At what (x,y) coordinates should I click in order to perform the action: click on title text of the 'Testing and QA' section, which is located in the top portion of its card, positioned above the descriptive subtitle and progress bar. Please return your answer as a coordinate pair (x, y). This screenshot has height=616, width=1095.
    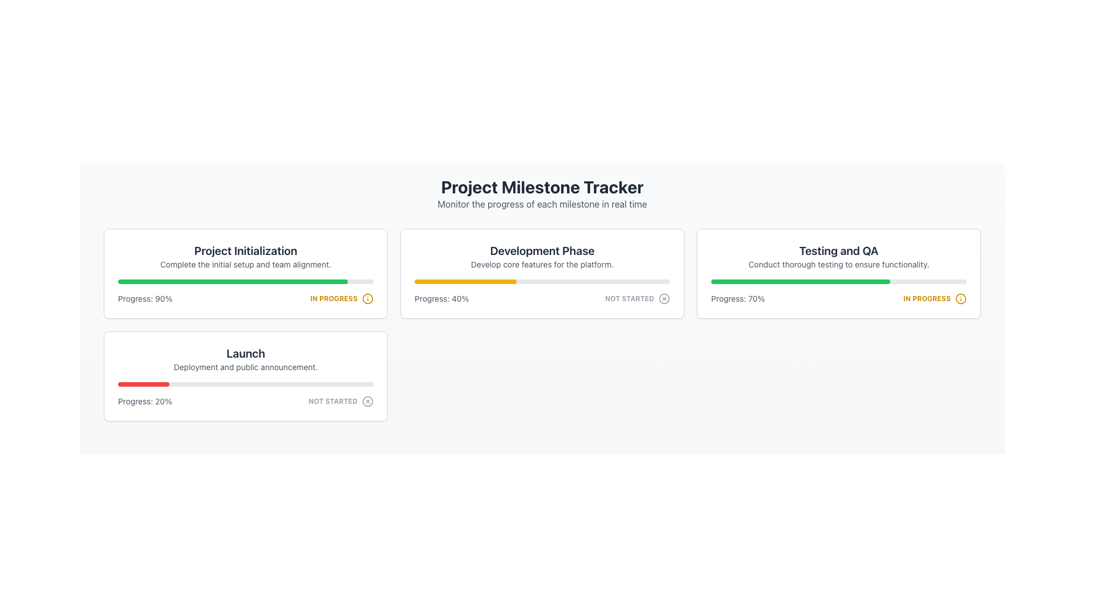
    Looking at the image, I should click on (838, 250).